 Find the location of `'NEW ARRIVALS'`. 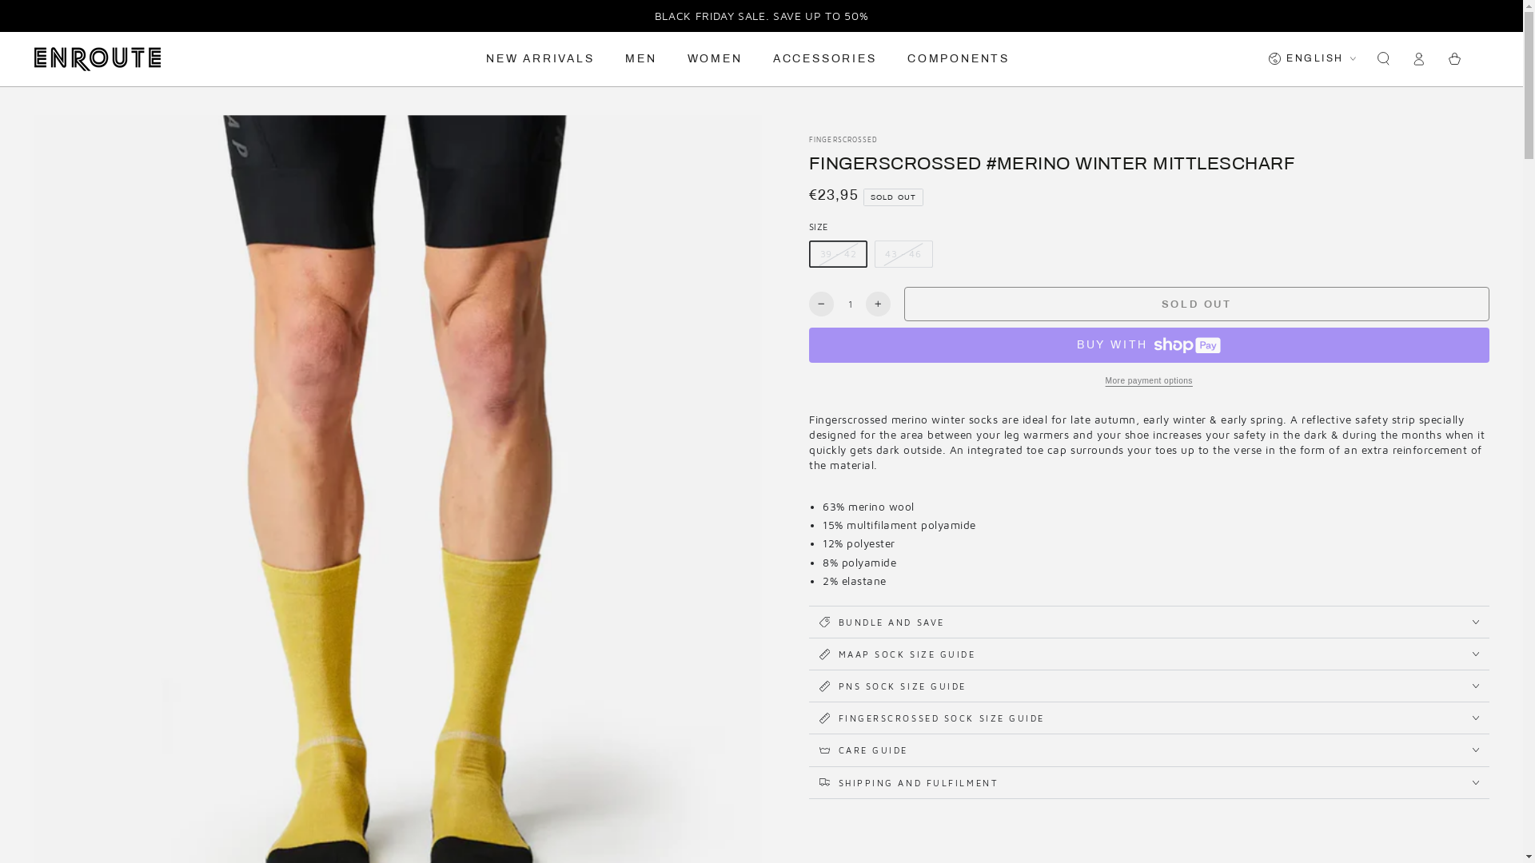

'NEW ARRIVALS' is located at coordinates (475, 58).